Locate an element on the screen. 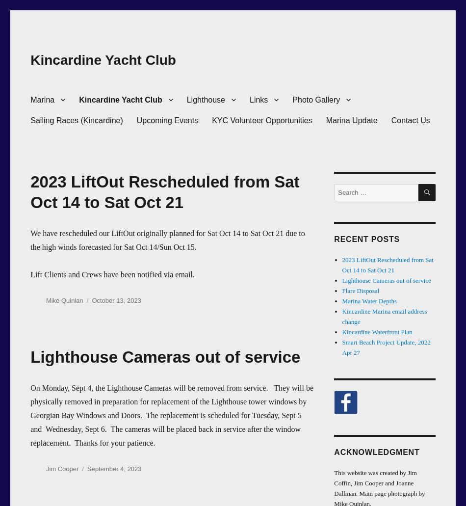 This screenshot has height=506, width=466. 'Sailing Races (Kincardine)' is located at coordinates (76, 120).